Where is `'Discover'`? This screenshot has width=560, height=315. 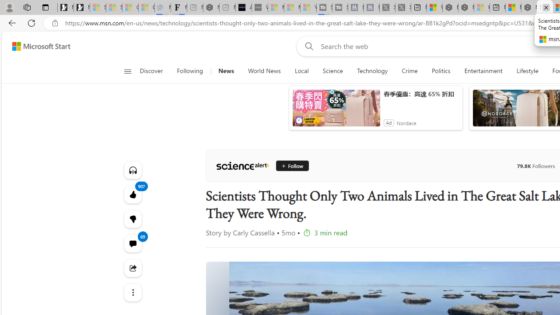
'Discover' is located at coordinates (154, 71).